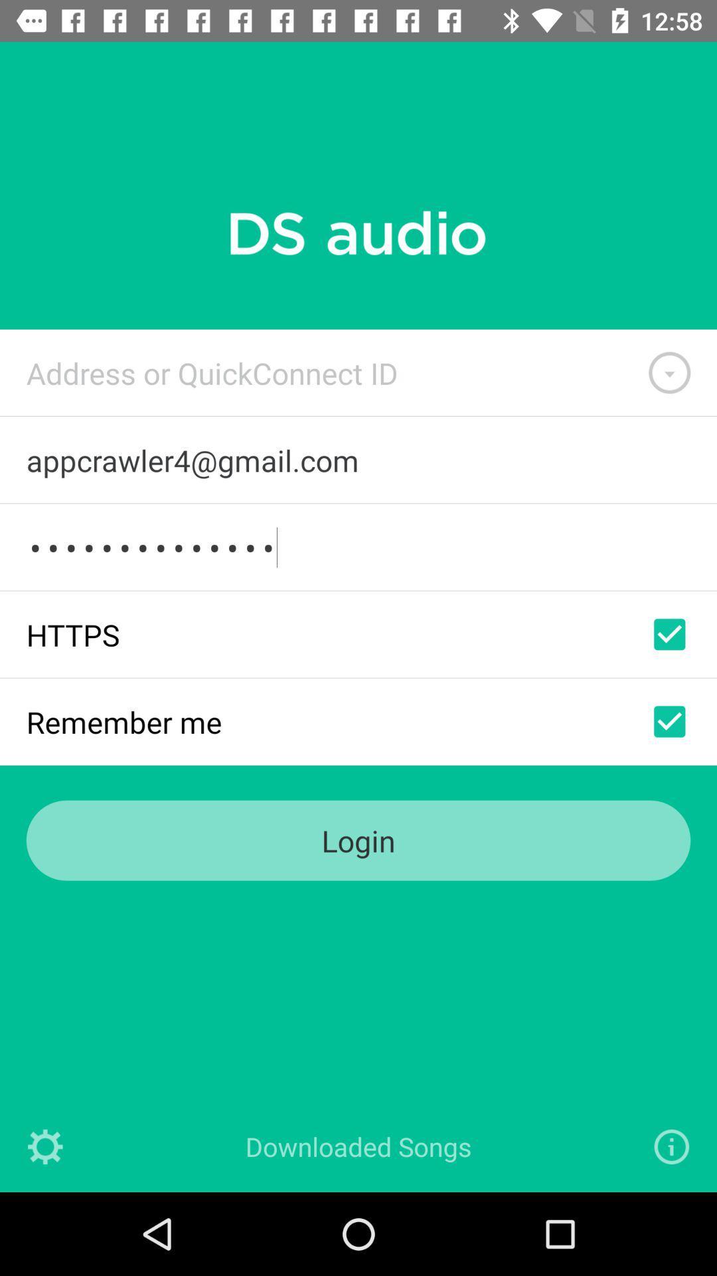 Image resolution: width=717 pixels, height=1276 pixels. I want to click on to remember user, so click(669, 720).